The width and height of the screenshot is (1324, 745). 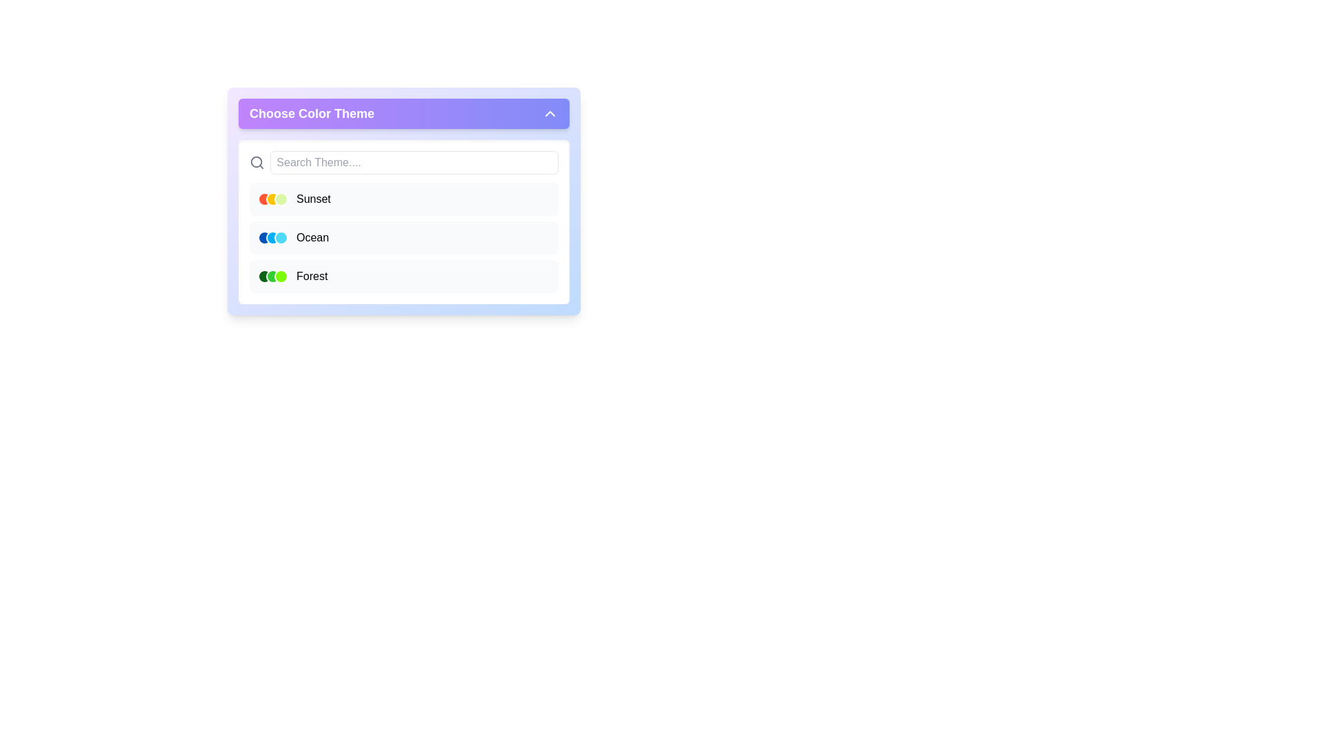 I want to click on the gray magnifying glass icon located in the header of the search section, so click(x=257, y=161).